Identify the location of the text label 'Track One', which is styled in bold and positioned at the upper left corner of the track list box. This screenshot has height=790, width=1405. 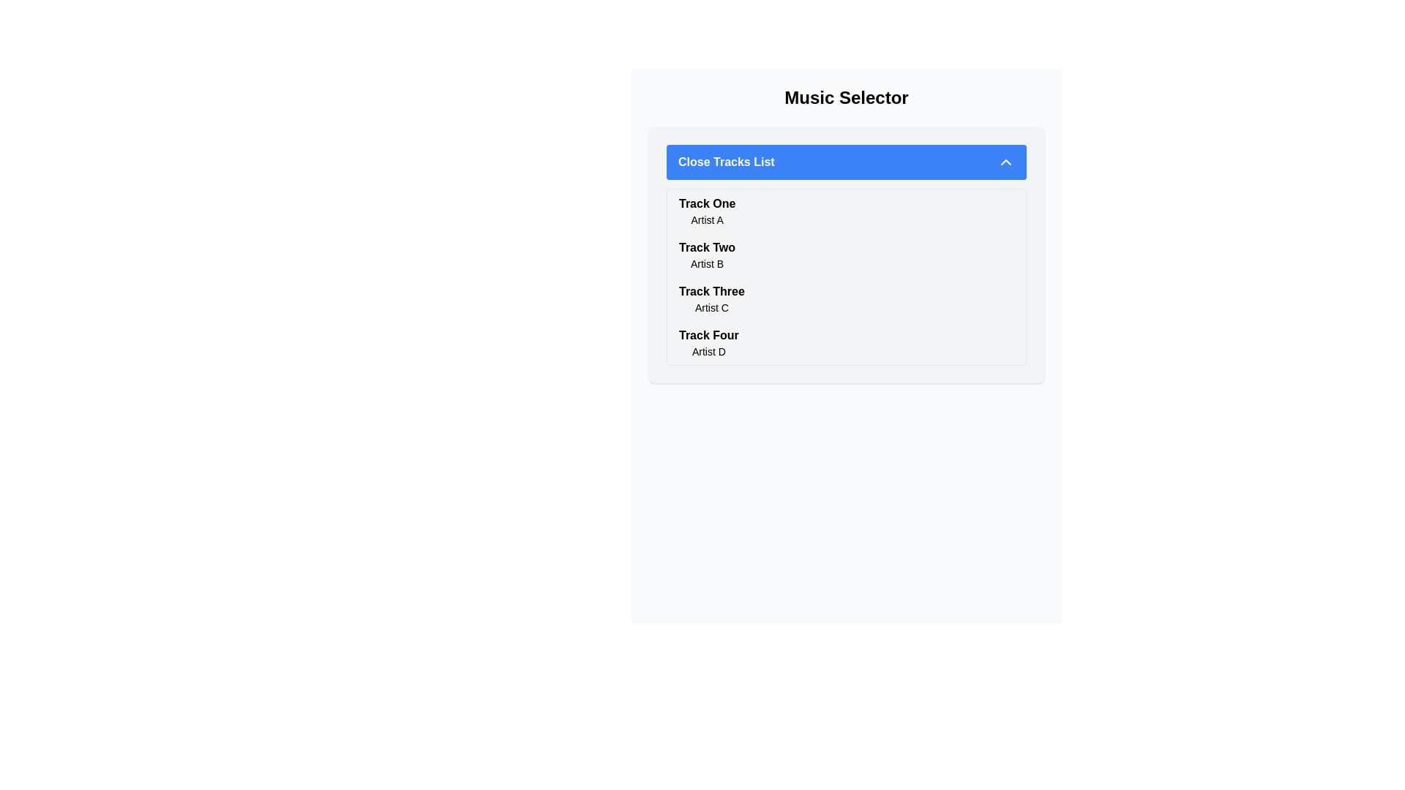
(707, 203).